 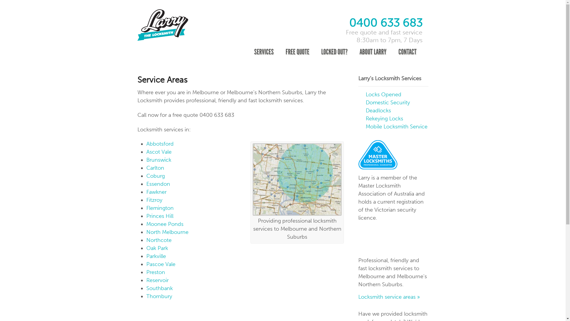 I want to click on 'Moonee Ponds', so click(x=146, y=224).